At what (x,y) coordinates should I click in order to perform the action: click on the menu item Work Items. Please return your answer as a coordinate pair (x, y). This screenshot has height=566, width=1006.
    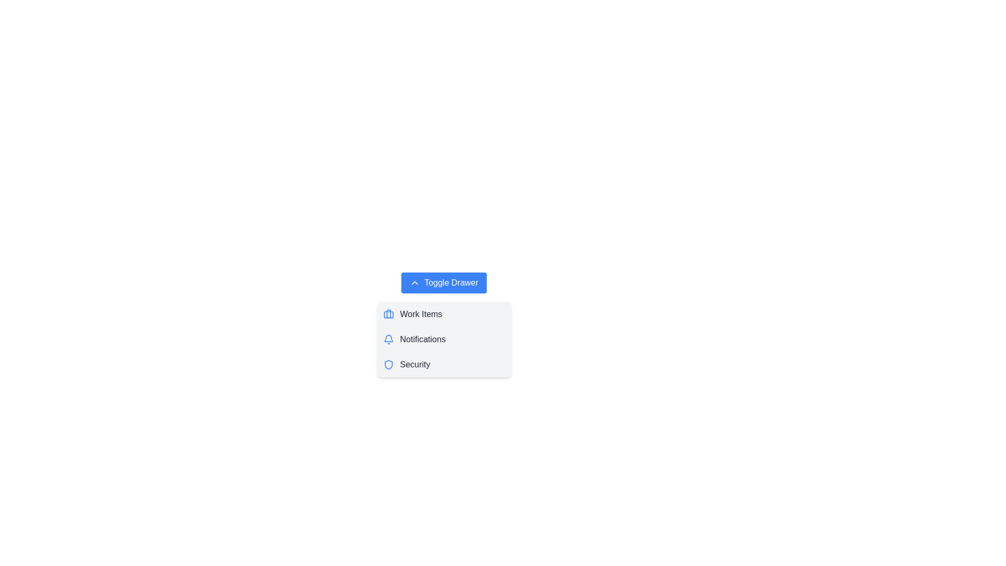
    Looking at the image, I should click on (444, 314).